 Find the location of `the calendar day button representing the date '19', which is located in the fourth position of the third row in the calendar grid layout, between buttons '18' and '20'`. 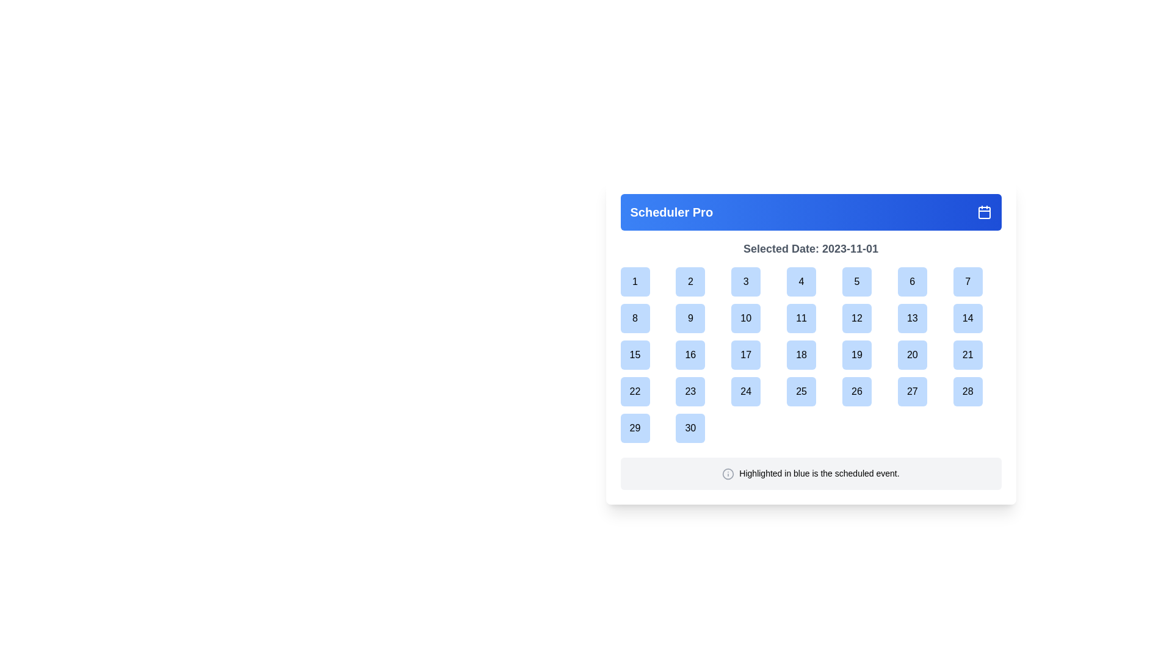

the calendar day button representing the date '19', which is located in the fourth position of the third row in the calendar grid layout, between buttons '18' and '20' is located at coordinates (856, 355).